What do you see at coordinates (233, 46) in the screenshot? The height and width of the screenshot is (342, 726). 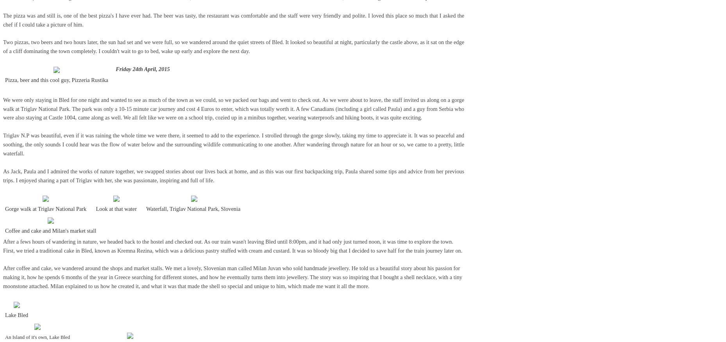 I see `'Two pizzas, two beers and two hours later, the sun had set and we were full, so we wandered around the quiet streets of Bled. It looked so beautiful at night, particularly the castle above, as it sat on the edge of a cliff dominating the town completely. I couldn't wait to go to bed, wake up early and explore the next day.'` at bounding box center [233, 46].